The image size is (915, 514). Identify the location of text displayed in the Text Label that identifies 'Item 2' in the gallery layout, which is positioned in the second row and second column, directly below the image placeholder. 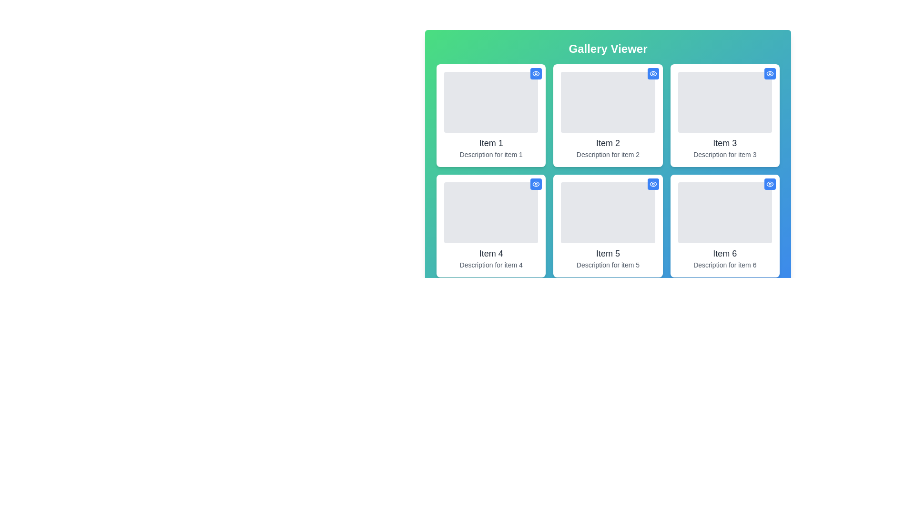
(608, 143).